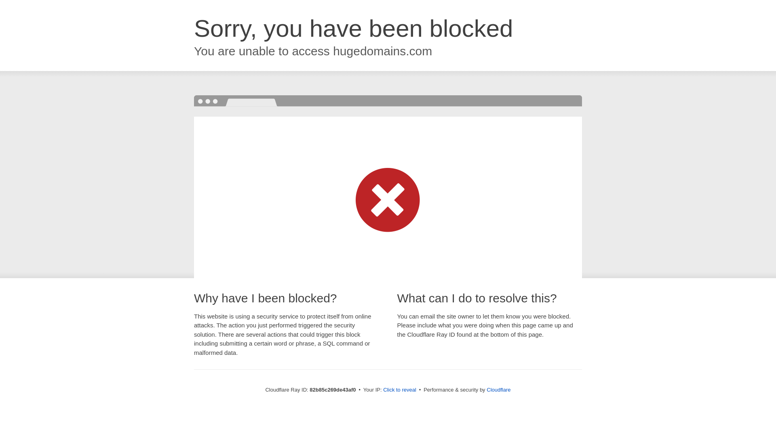  Describe the element at coordinates (383, 389) in the screenshot. I see `'Click to reveal'` at that location.